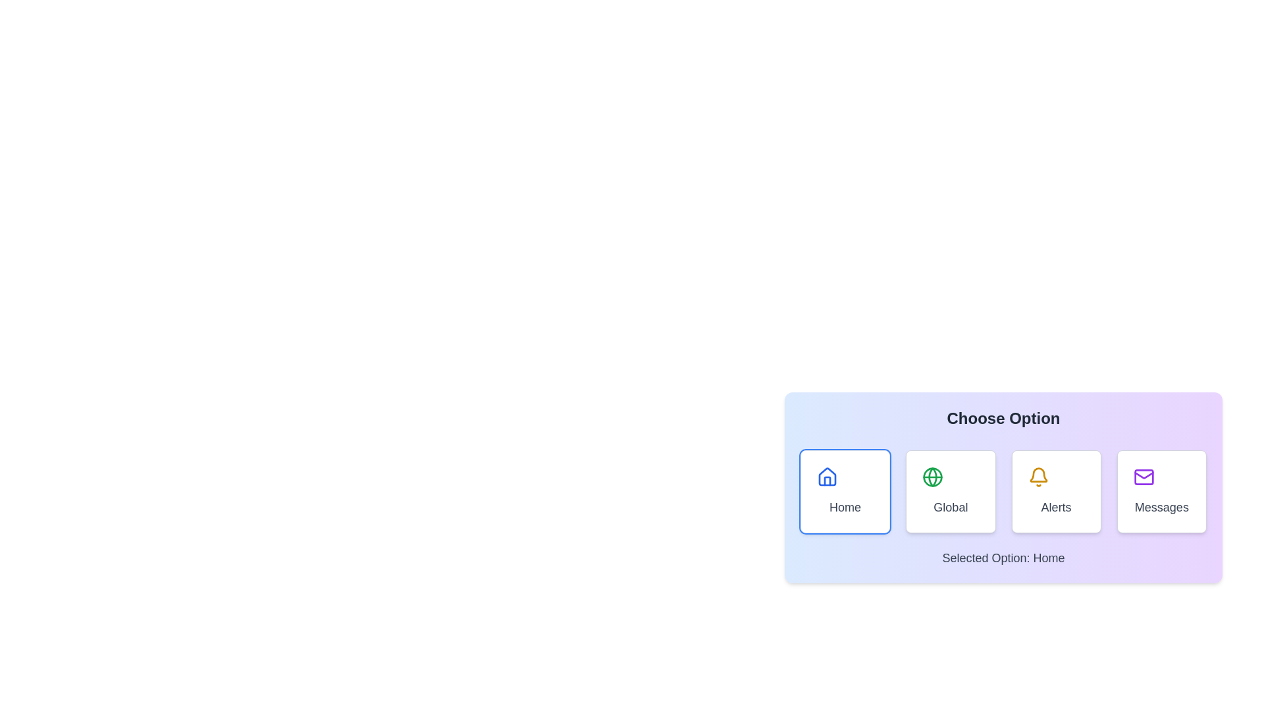  What do you see at coordinates (1003, 558) in the screenshot?
I see `the text label indicating the currently selected option in the 'Choose Option' section, located below the interactive tiles ('Home', 'Global', 'Alerts', 'Messages')` at bounding box center [1003, 558].